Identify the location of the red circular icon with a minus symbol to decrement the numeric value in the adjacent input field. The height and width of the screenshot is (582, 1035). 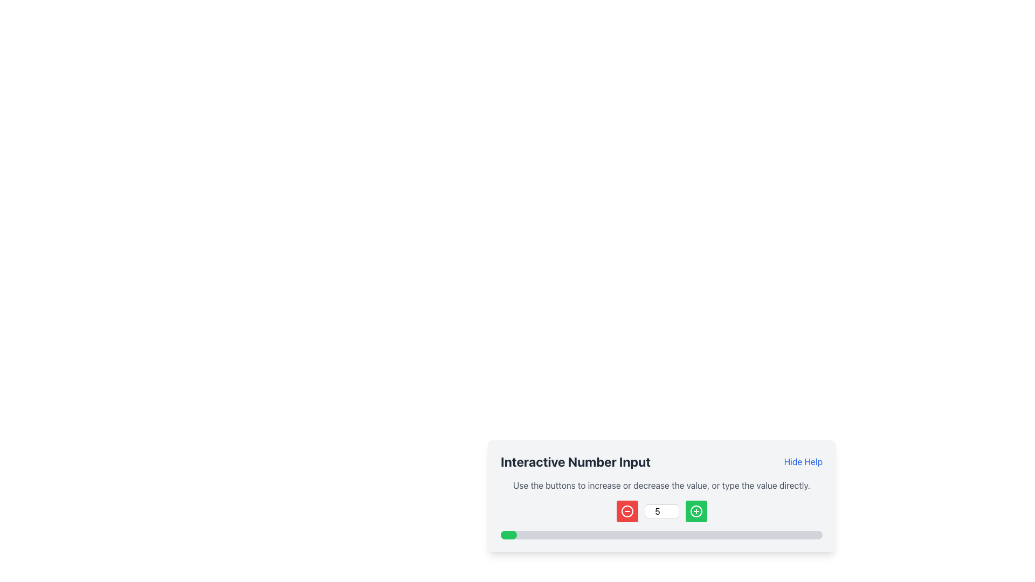
(627, 510).